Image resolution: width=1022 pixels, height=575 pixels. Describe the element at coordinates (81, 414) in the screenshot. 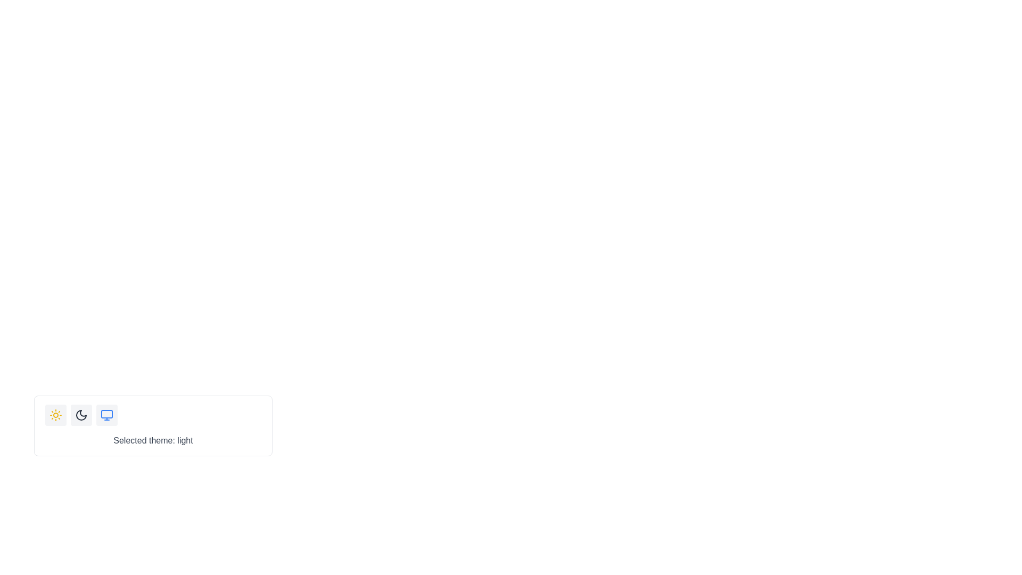

I see `the second icon from the left, which resembles a moon and serves as a toggle for dark mode settings` at that location.